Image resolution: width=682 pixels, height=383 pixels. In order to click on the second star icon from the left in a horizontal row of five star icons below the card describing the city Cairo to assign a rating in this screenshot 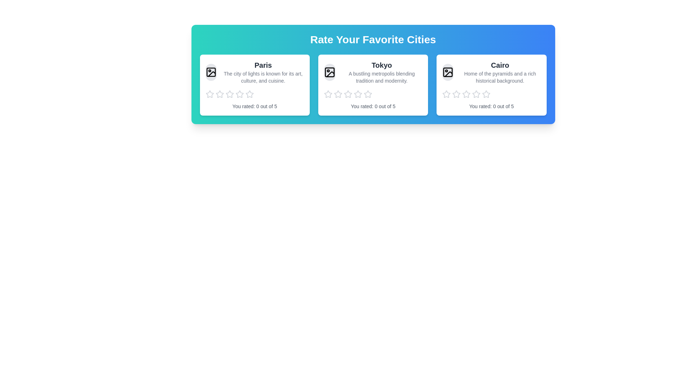, I will do `click(466, 94)`.